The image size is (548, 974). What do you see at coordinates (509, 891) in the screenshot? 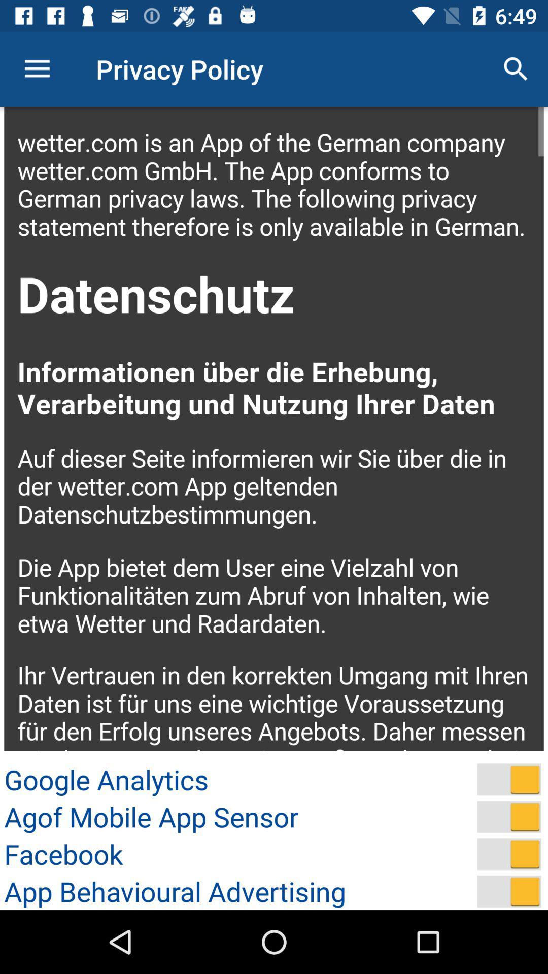
I see `app behavioral advertising settings` at bounding box center [509, 891].